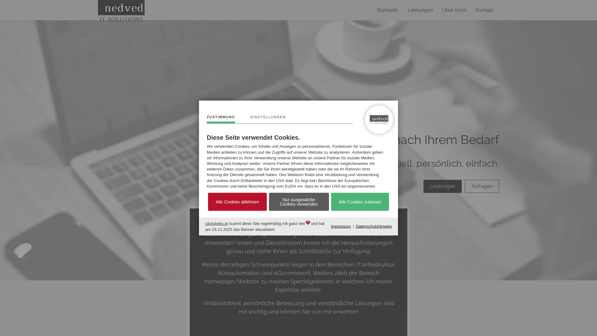  Describe the element at coordinates (237, 202) in the screenshot. I see `'Alle Cookies ablehnen'` at that location.